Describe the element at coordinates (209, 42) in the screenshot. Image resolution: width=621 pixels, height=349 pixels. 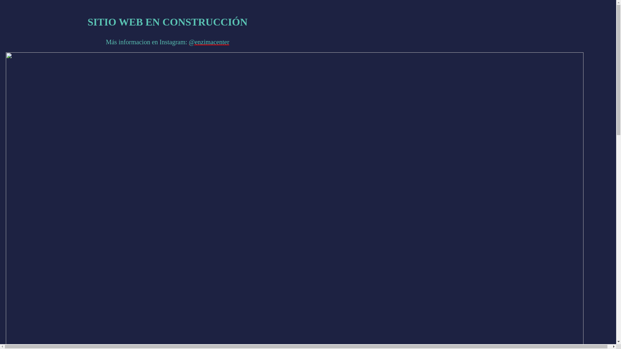
I see `'@enzimacenter'` at that location.